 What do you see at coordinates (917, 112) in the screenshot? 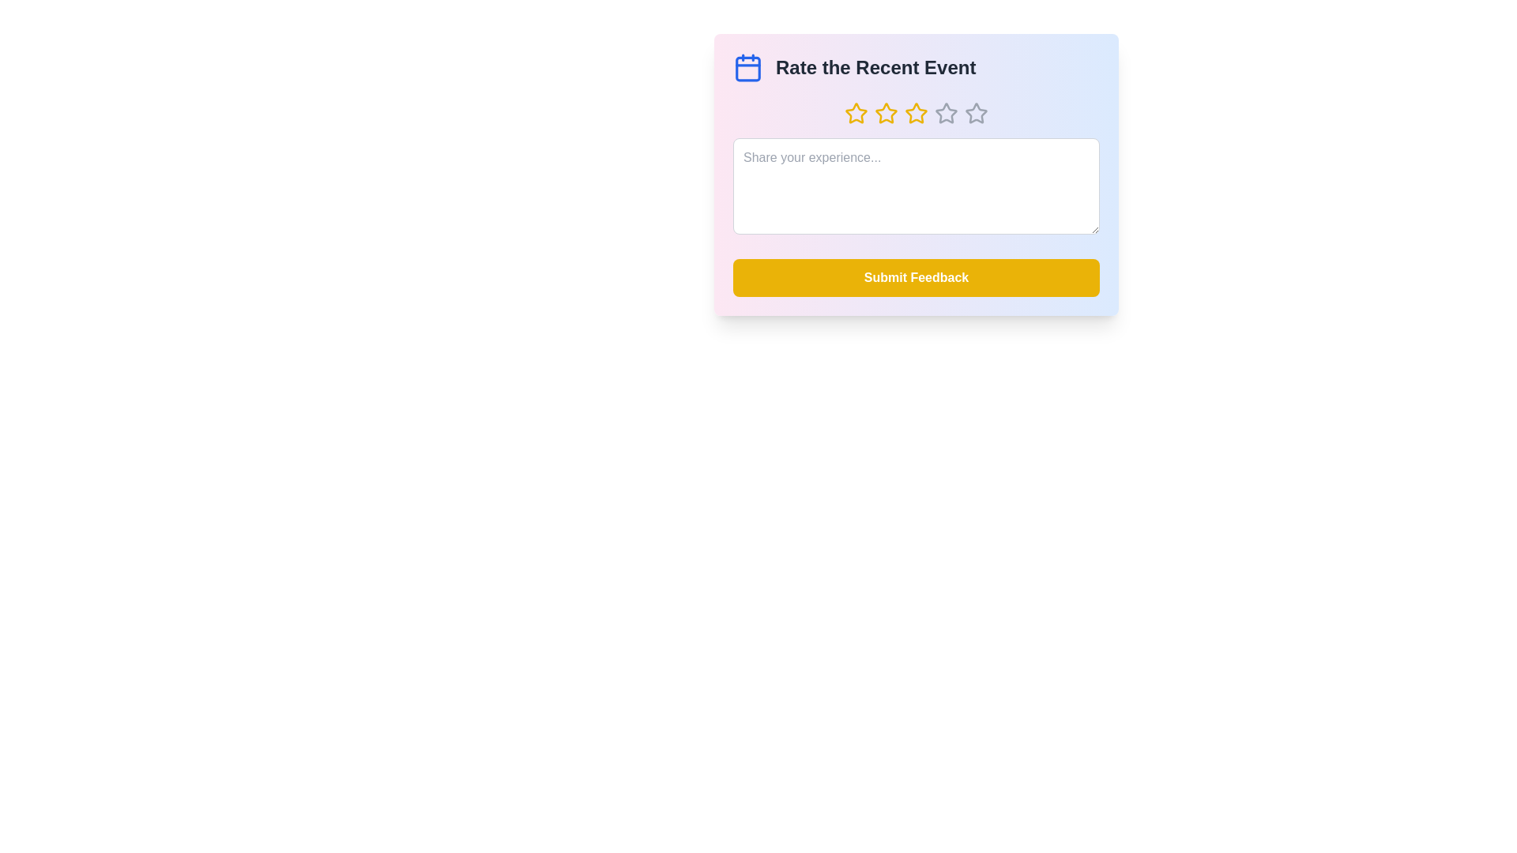
I see `the star corresponding to the desired rating of 3` at bounding box center [917, 112].